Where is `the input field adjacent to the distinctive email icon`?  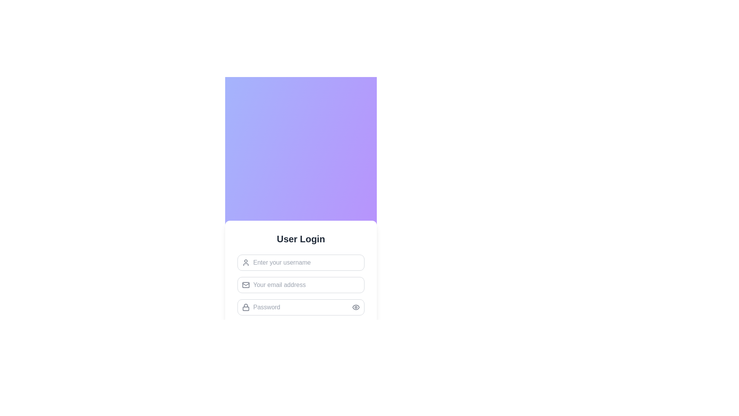
the input field adjacent to the distinctive email icon is located at coordinates (245, 285).